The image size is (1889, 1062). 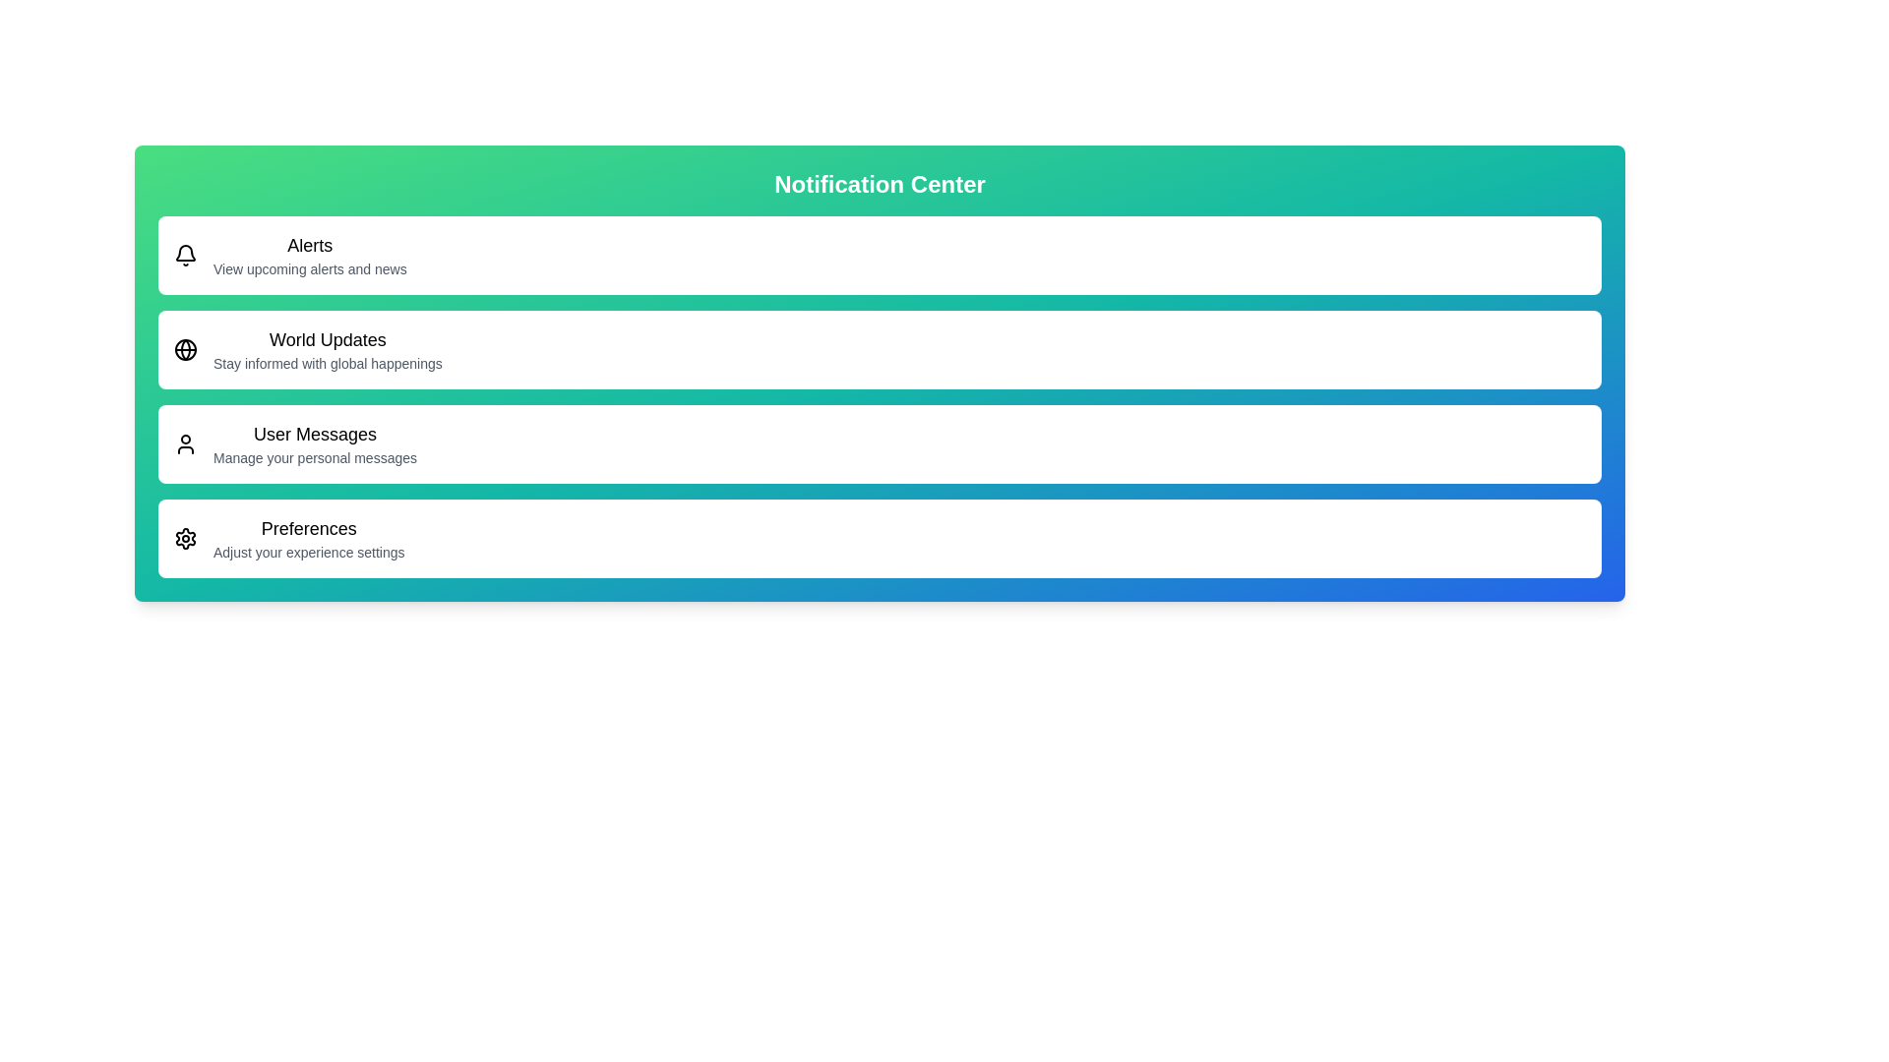 What do you see at coordinates (185, 443) in the screenshot?
I see `the menu item corresponding to User Messages to examine its iconography` at bounding box center [185, 443].